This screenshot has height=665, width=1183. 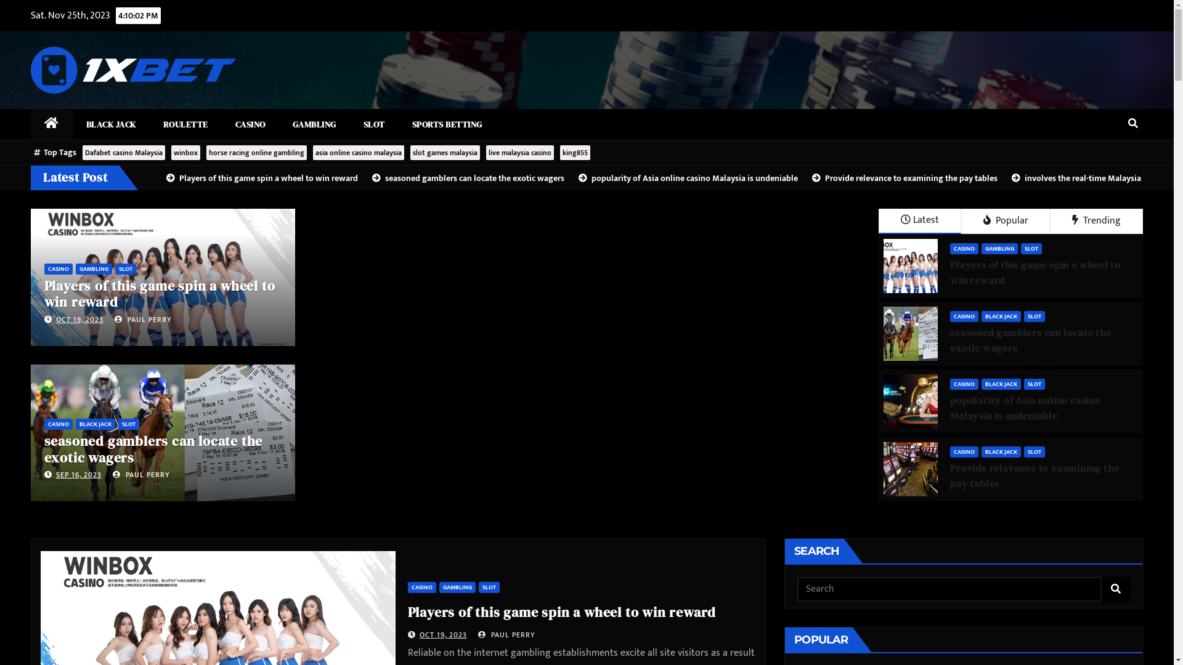 What do you see at coordinates (256, 151) in the screenshot?
I see `'horse racing online gambling'` at bounding box center [256, 151].